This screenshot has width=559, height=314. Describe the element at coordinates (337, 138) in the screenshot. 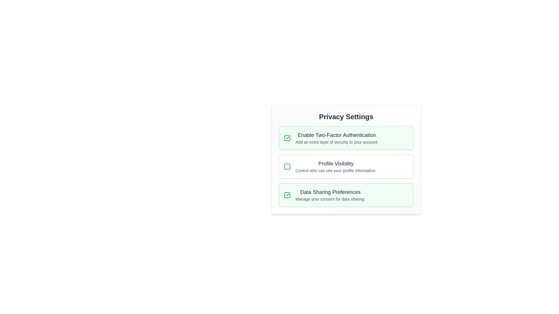

I see `the descriptive label for enabling two-factor authentication, which is the first item under the 'Privacy Settings' header` at that location.